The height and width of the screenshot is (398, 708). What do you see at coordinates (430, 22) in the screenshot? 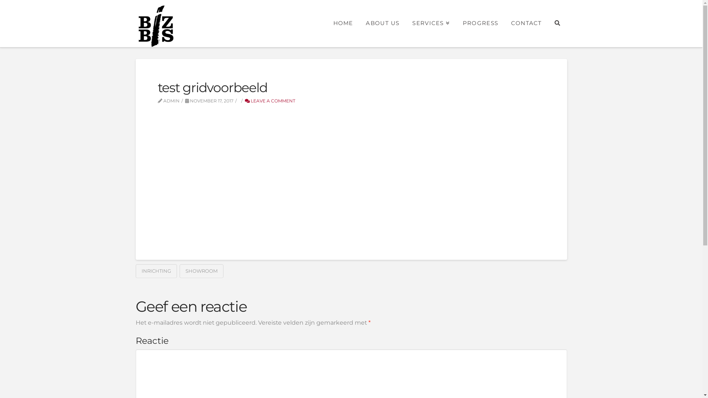
I see `'SERVICES'` at bounding box center [430, 22].